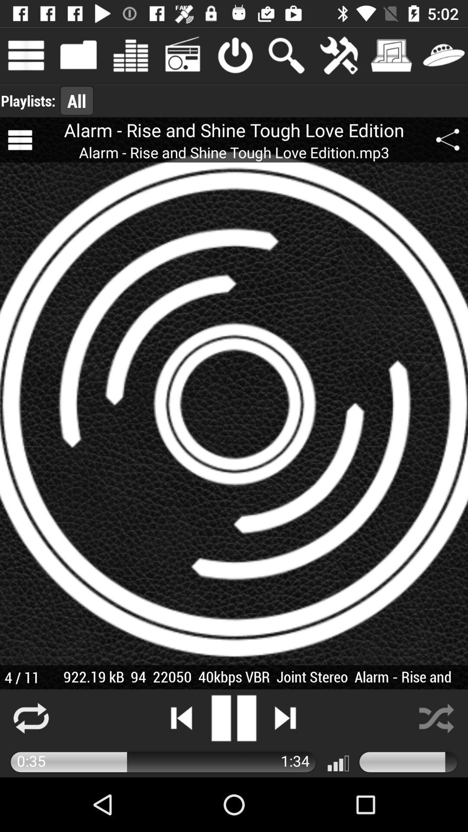 The width and height of the screenshot is (468, 832). Describe the element at coordinates (448, 140) in the screenshot. I see `the share icon` at that location.